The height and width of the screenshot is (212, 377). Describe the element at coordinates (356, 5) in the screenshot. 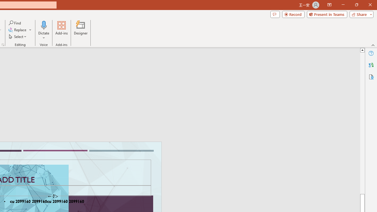

I see `'Restore Down'` at that location.